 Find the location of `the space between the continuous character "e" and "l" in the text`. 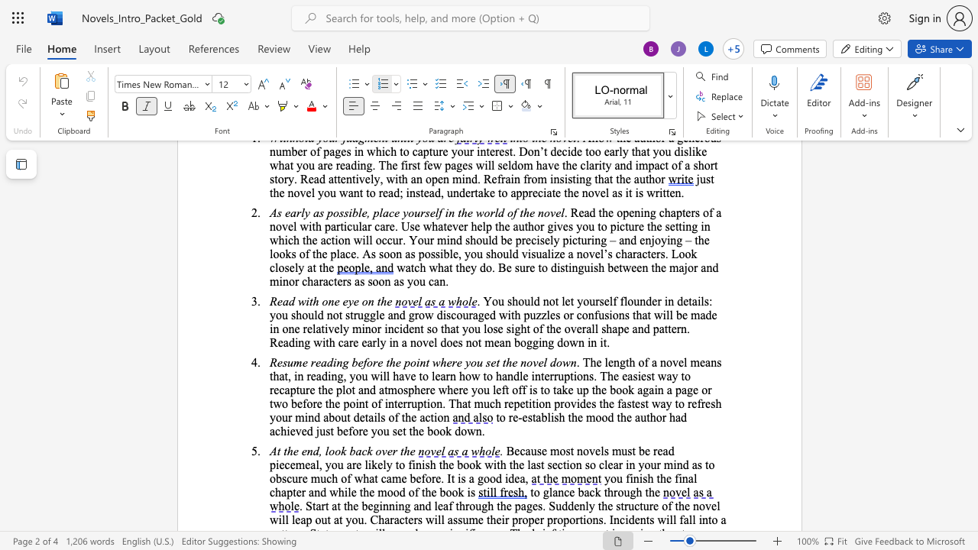

the space between the continuous character "e" and "l" in the text is located at coordinates (432, 341).